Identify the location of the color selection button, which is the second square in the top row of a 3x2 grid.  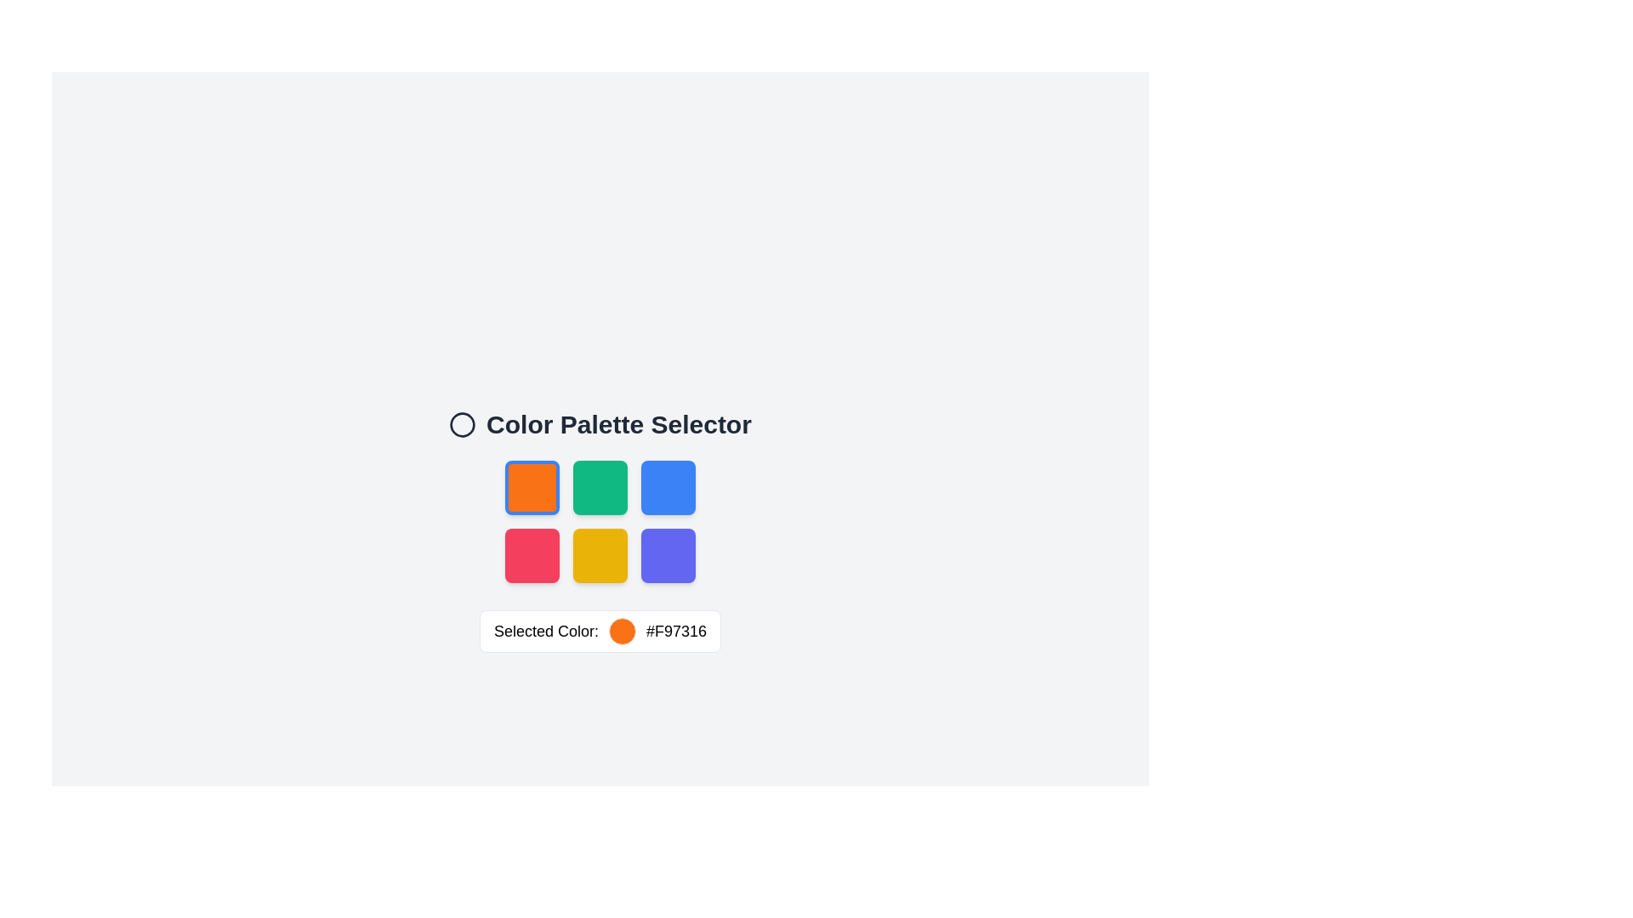
(600, 488).